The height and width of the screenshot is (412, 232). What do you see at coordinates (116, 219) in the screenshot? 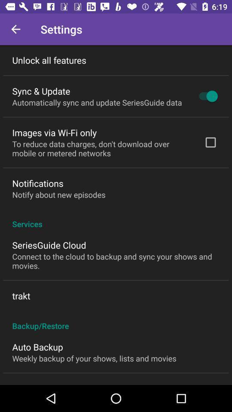
I see `the item above seriesguide cloud item` at bounding box center [116, 219].